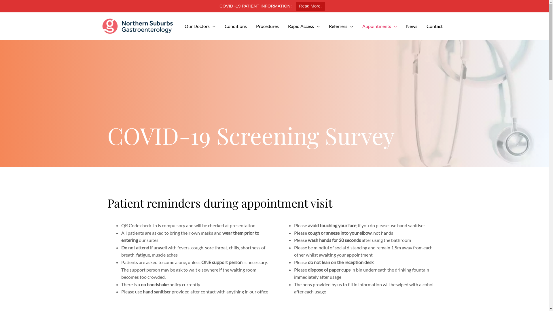 This screenshot has width=553, height=311. What do you see at coordinates (411, 26) in the screenshot?
I see `'News'` at bounding box center [411, 26].